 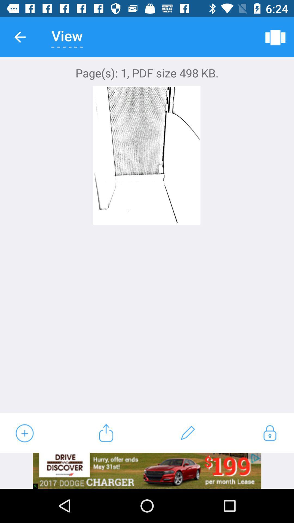 What do you see at coordinates (106, 433) in the screenshot?
I see `the launch icon` at bounding box center [106, 433].